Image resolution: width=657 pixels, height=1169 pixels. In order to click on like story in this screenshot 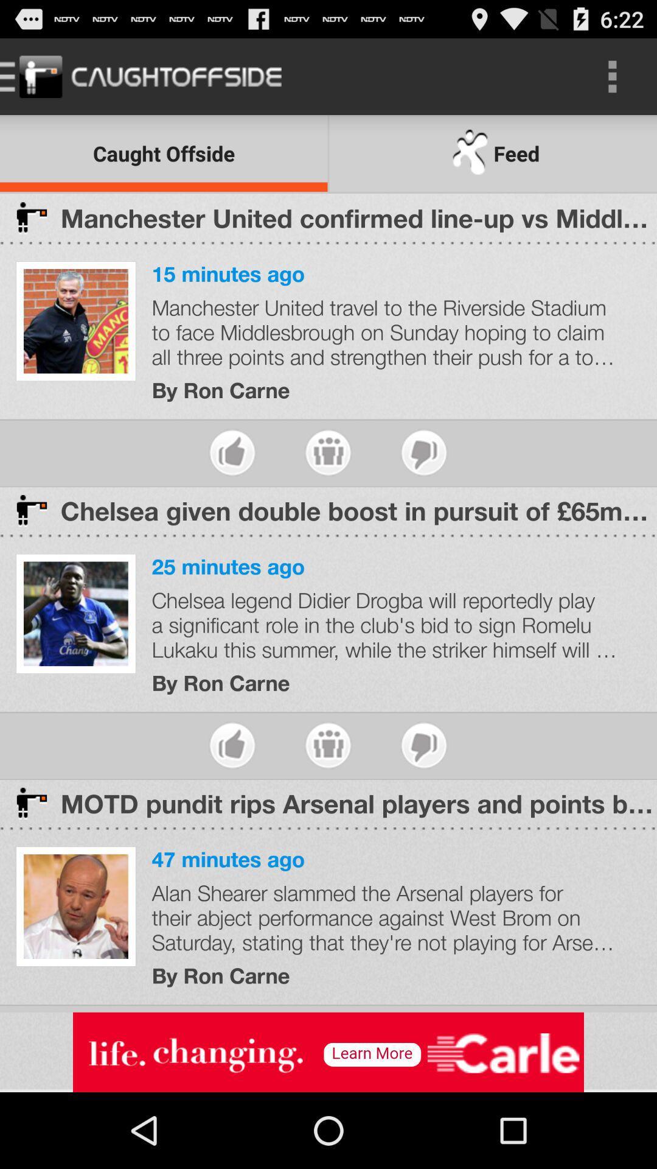, I will do `click(232, 745)`.